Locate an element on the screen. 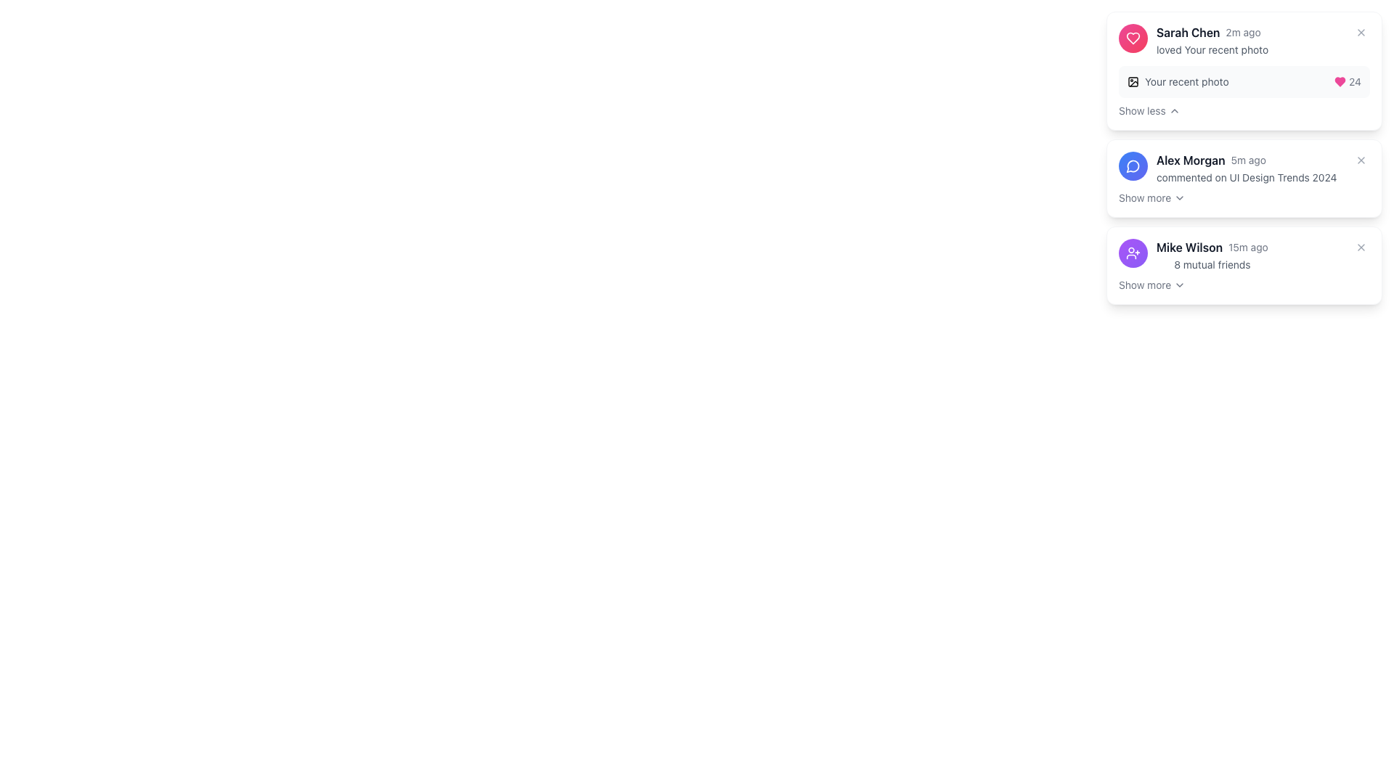 Image resolution: width=1394 pixels, height=784 pixels. the text label within the notification panel for 'Alex Morgan commented on UI Design Trends 2024' is located at coordinates (1144, 198).